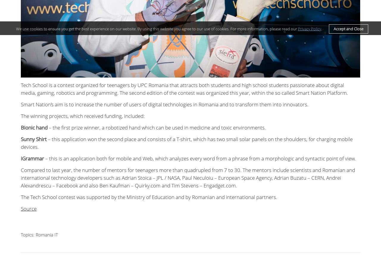  I want to click on 'iGrammar', so click(32, 158).